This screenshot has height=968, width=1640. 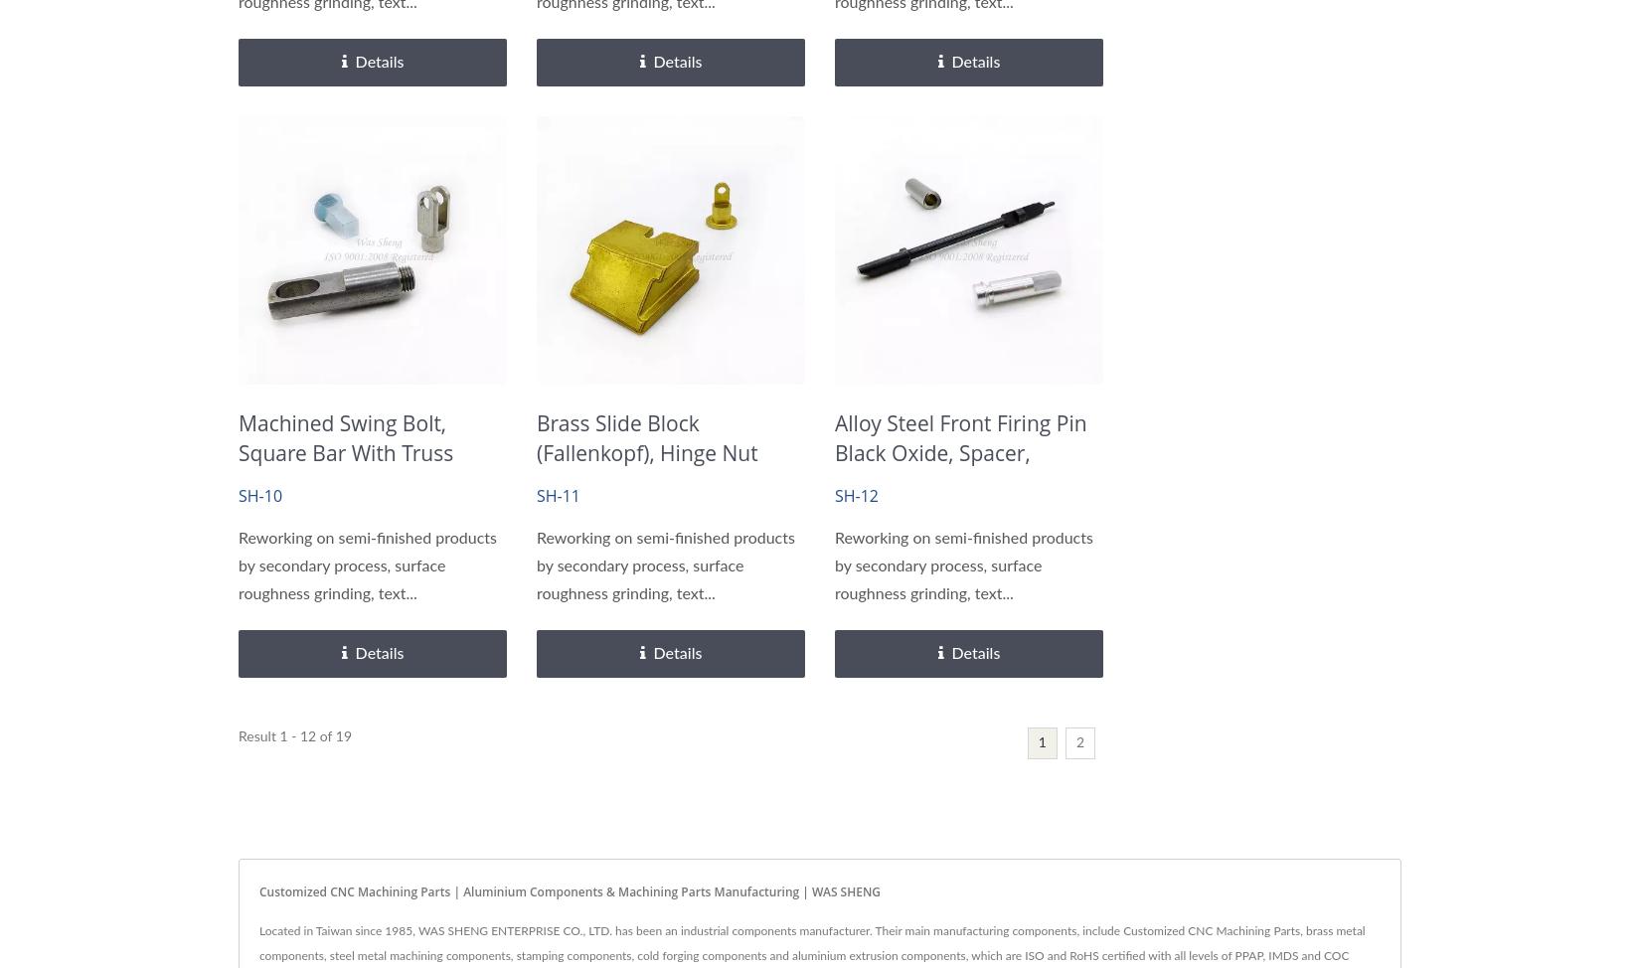 What do you see at coordinates (856, 495) in the screenshot?
I see `'SH-12'` at bounding box center [856, 495].